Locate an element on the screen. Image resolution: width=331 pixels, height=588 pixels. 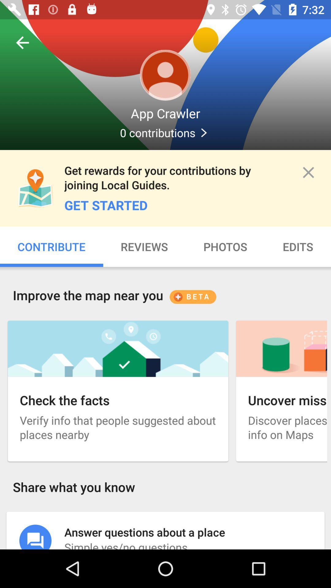
icon to the right of photos app is located at coordinates (298, 247).